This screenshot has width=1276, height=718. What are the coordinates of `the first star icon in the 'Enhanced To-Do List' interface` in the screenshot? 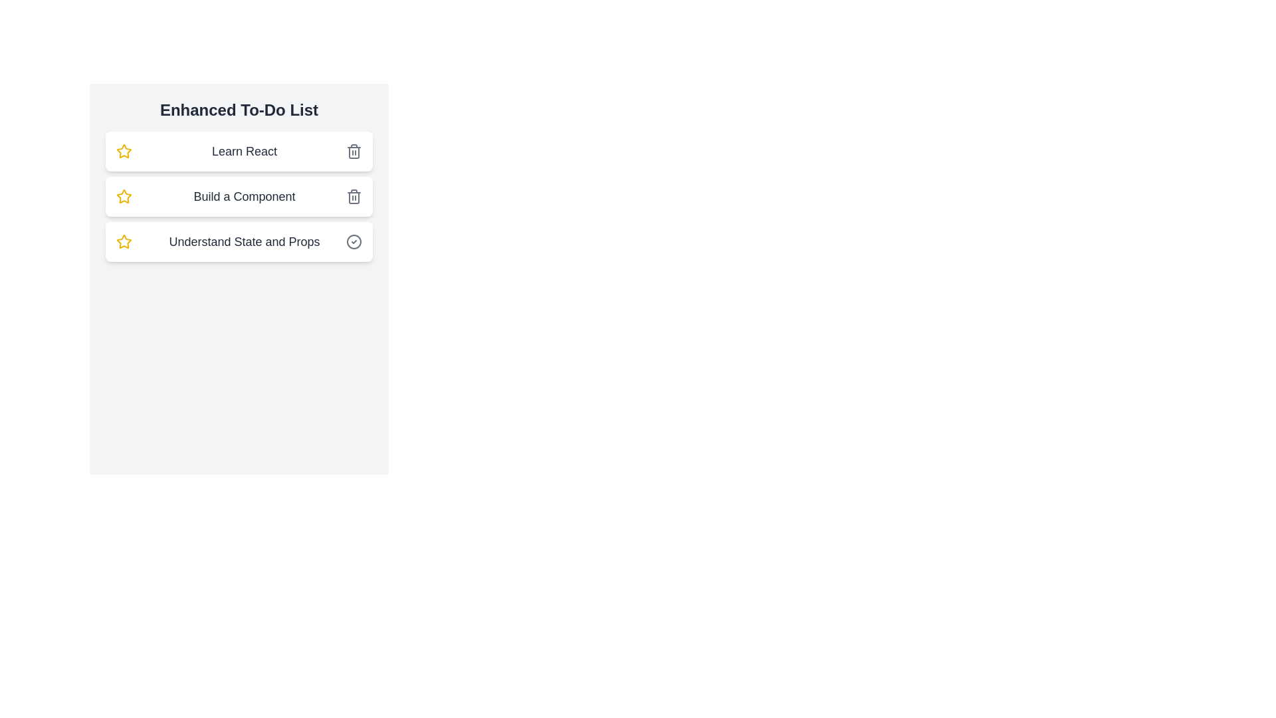 It's located at (124, 150).